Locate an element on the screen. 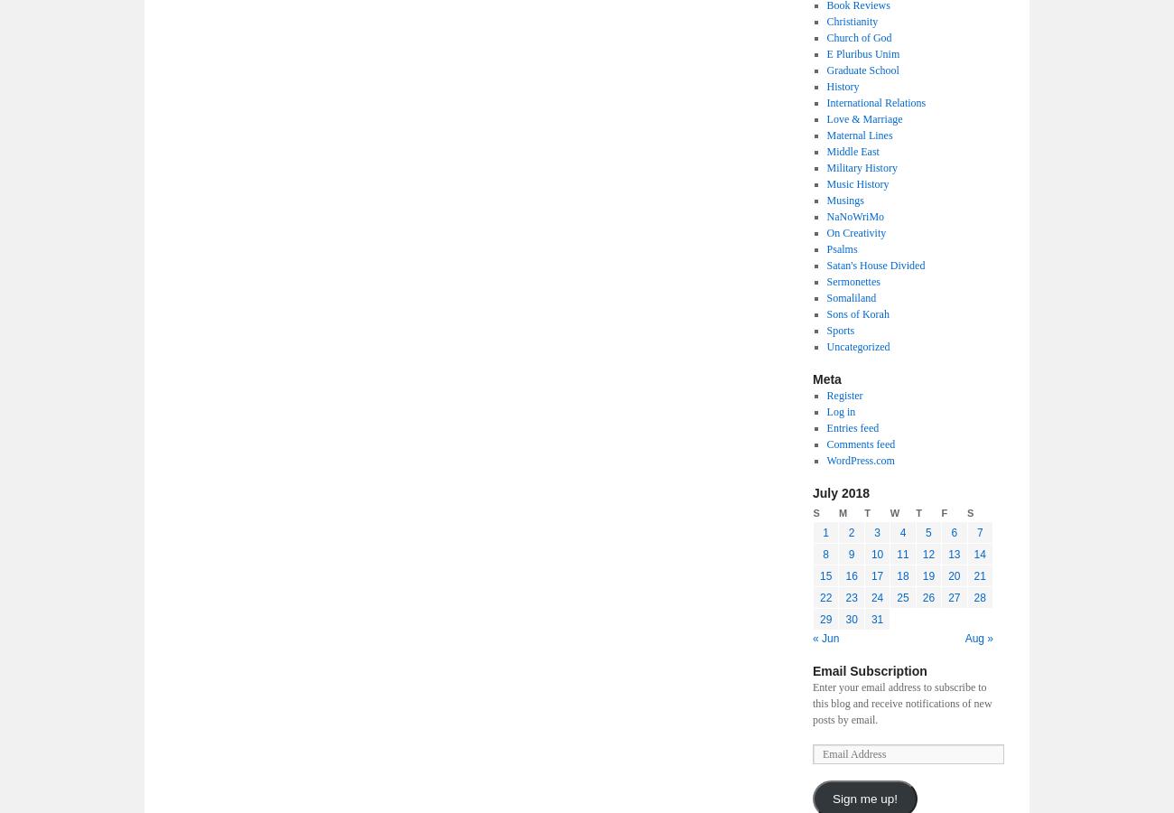 Image resolution: width=1174 pixels, height=813 pixels. '7' is located at coordinates (978, 533).